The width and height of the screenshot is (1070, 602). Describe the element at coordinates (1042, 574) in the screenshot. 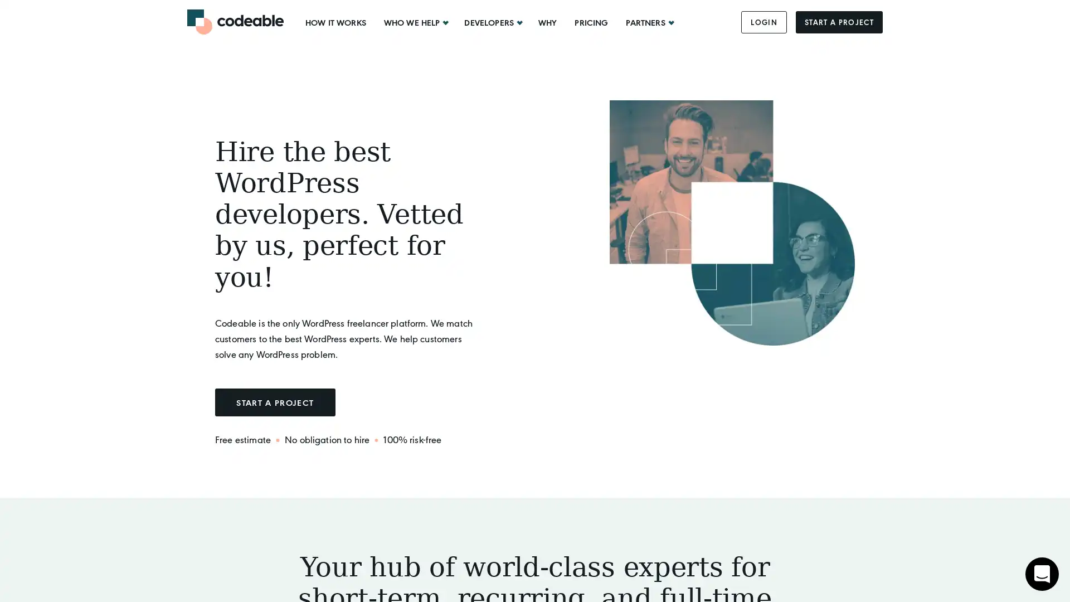

I see `Open Intercom` at that location.